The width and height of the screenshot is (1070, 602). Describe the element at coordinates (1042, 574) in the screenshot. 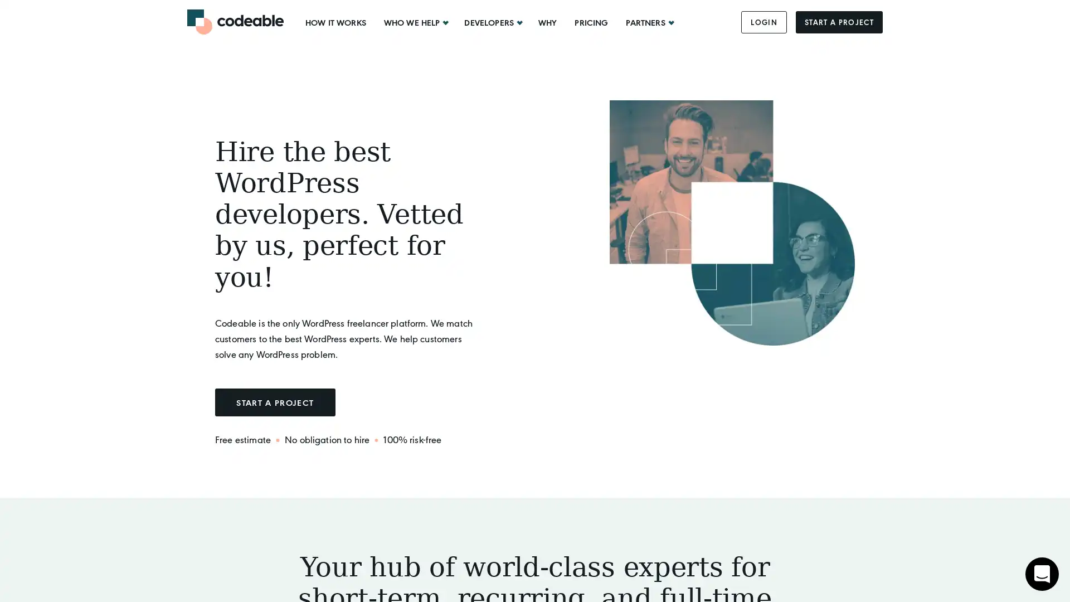

I see `Open Intercom` at that location.